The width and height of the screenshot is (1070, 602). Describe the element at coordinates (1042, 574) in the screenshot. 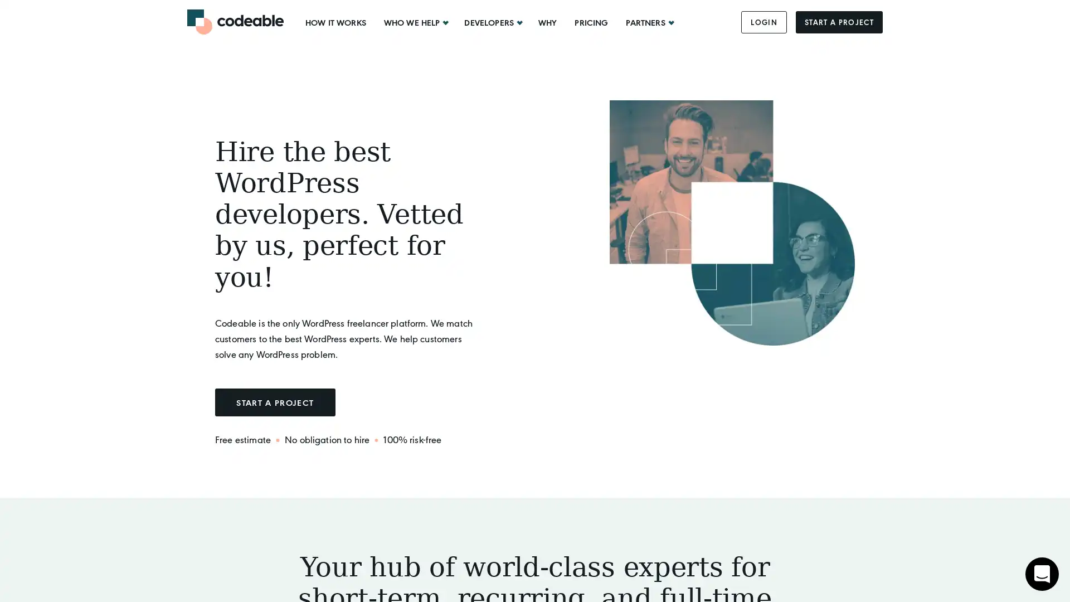

I see `Open Intercom` at that location.